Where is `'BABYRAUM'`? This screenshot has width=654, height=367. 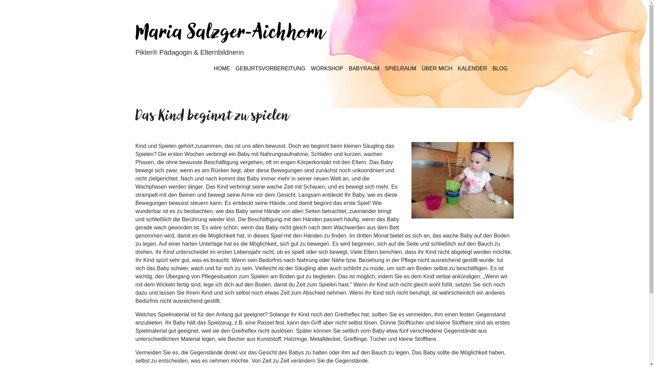
'BABYRAUM' is located at coordinates (364, 68).